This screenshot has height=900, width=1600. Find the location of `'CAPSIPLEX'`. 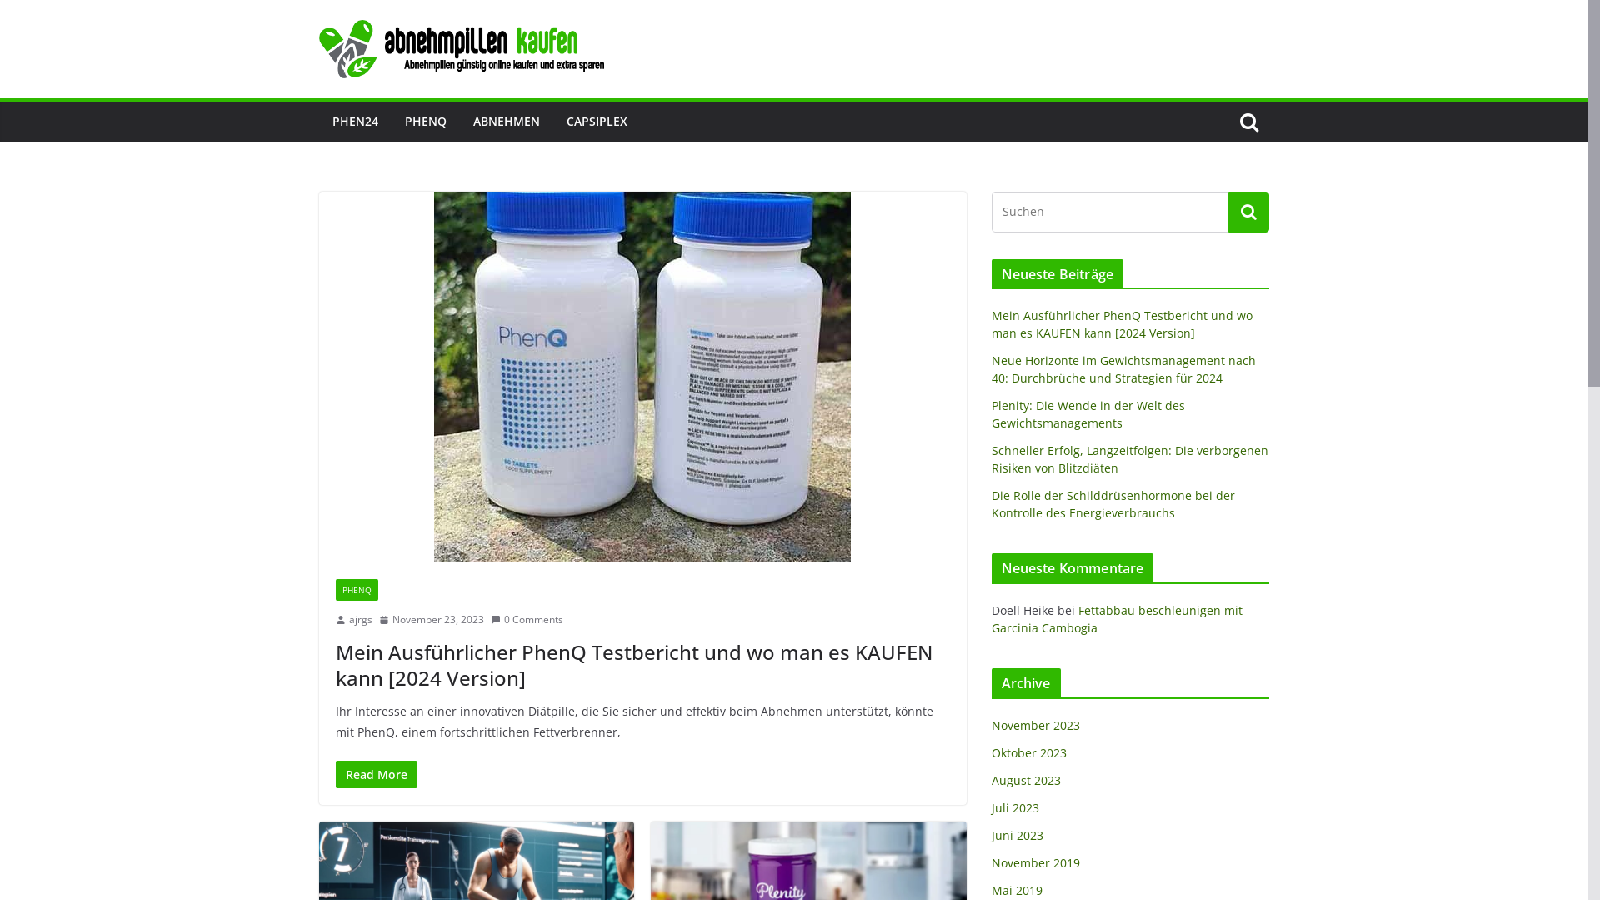

'CAPSIPLEX' is located at coordinates (597, 121).